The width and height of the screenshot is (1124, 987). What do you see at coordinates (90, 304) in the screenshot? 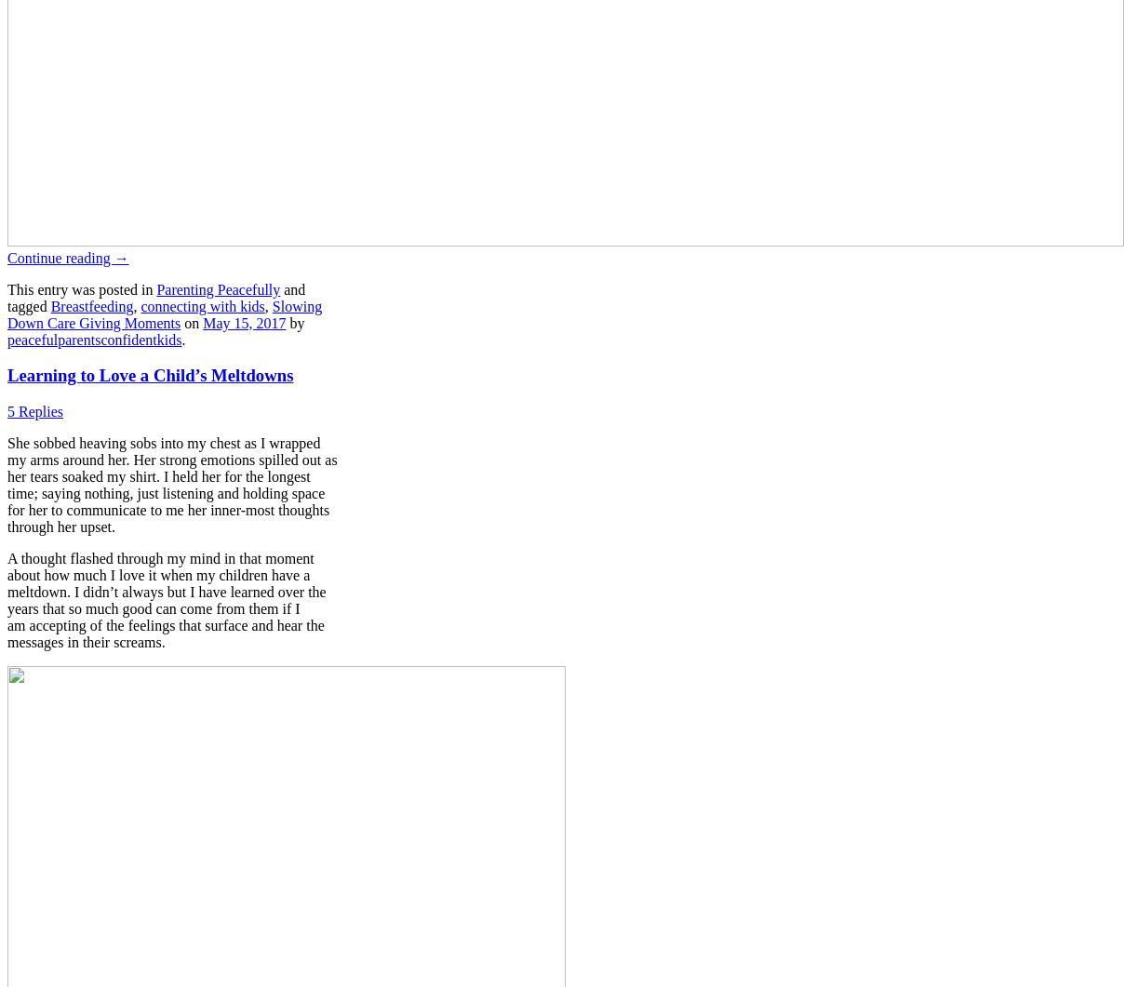
I see `'Breastfeeding'` at bounding box center [90, 304].